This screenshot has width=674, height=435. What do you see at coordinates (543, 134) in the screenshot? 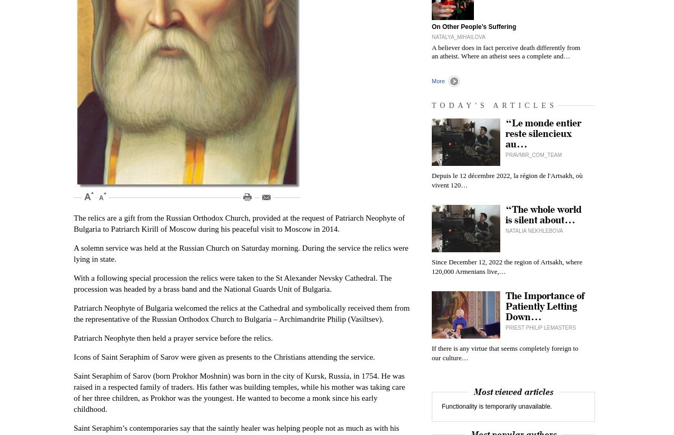
I see `'“Le monde entier reste silencieux au…'` at bounding box center [543, 134].